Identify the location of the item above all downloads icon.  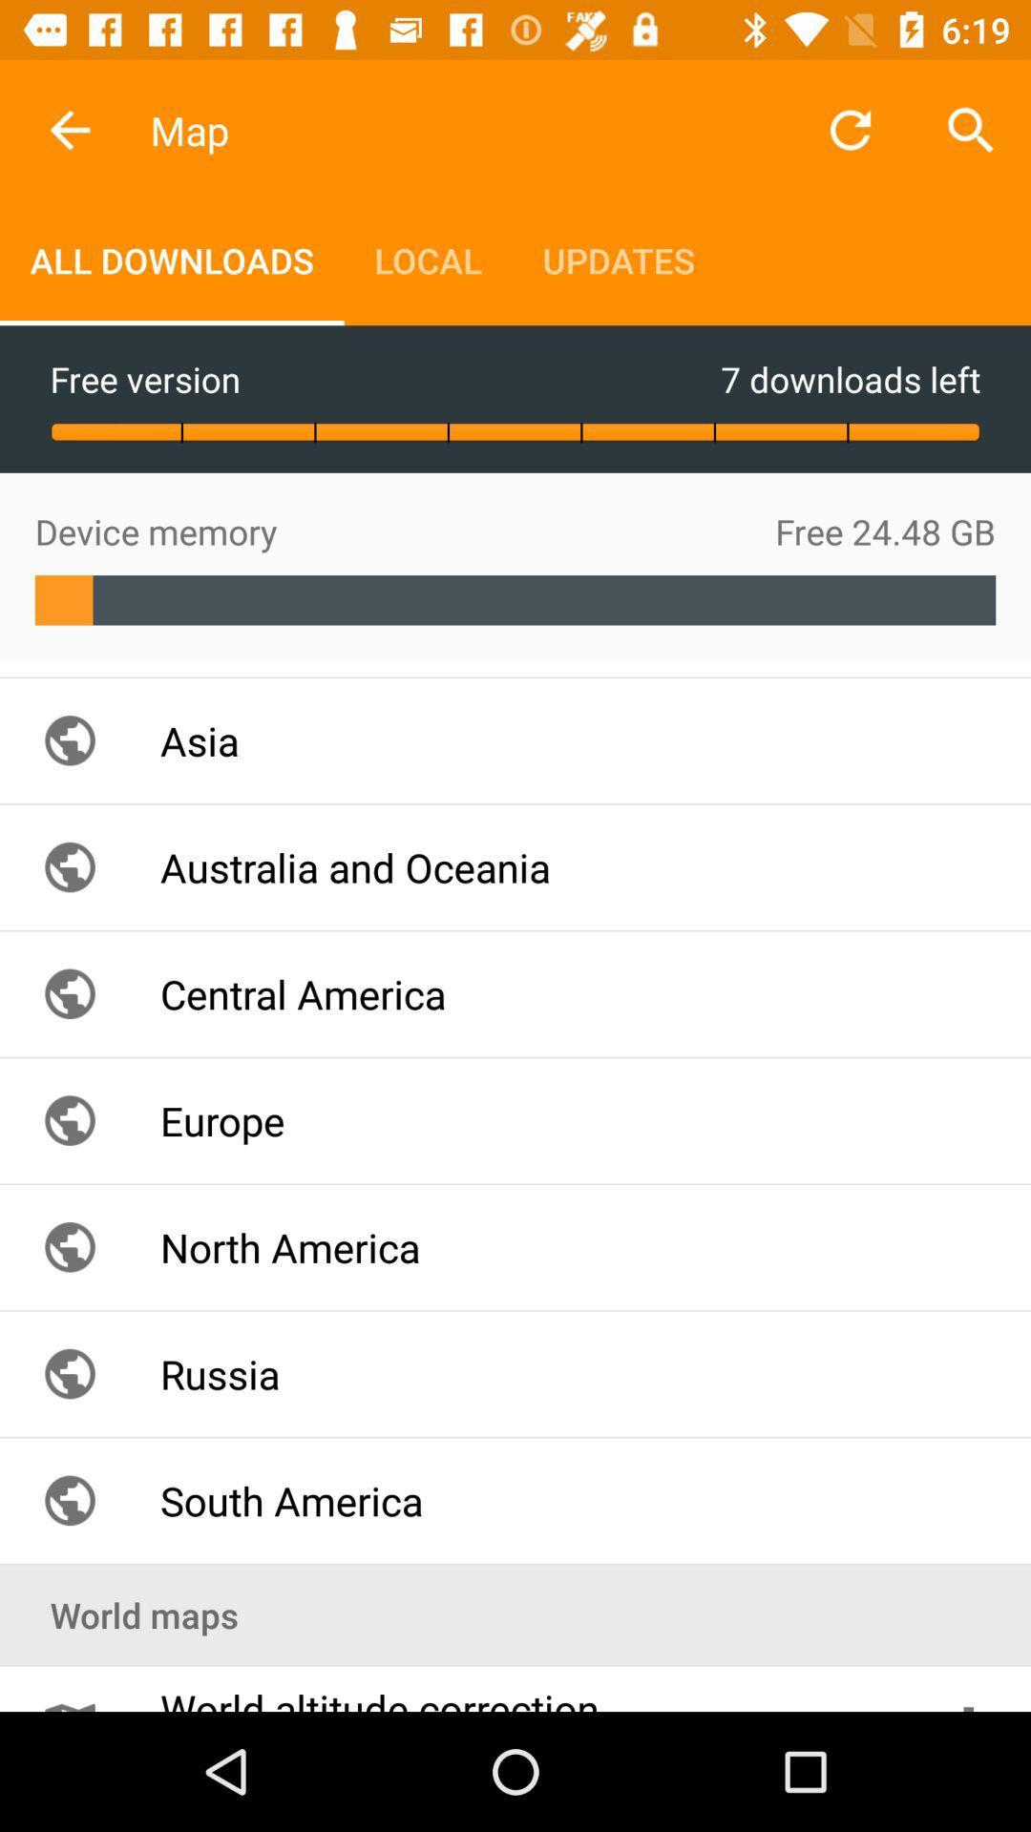
(69, 129).